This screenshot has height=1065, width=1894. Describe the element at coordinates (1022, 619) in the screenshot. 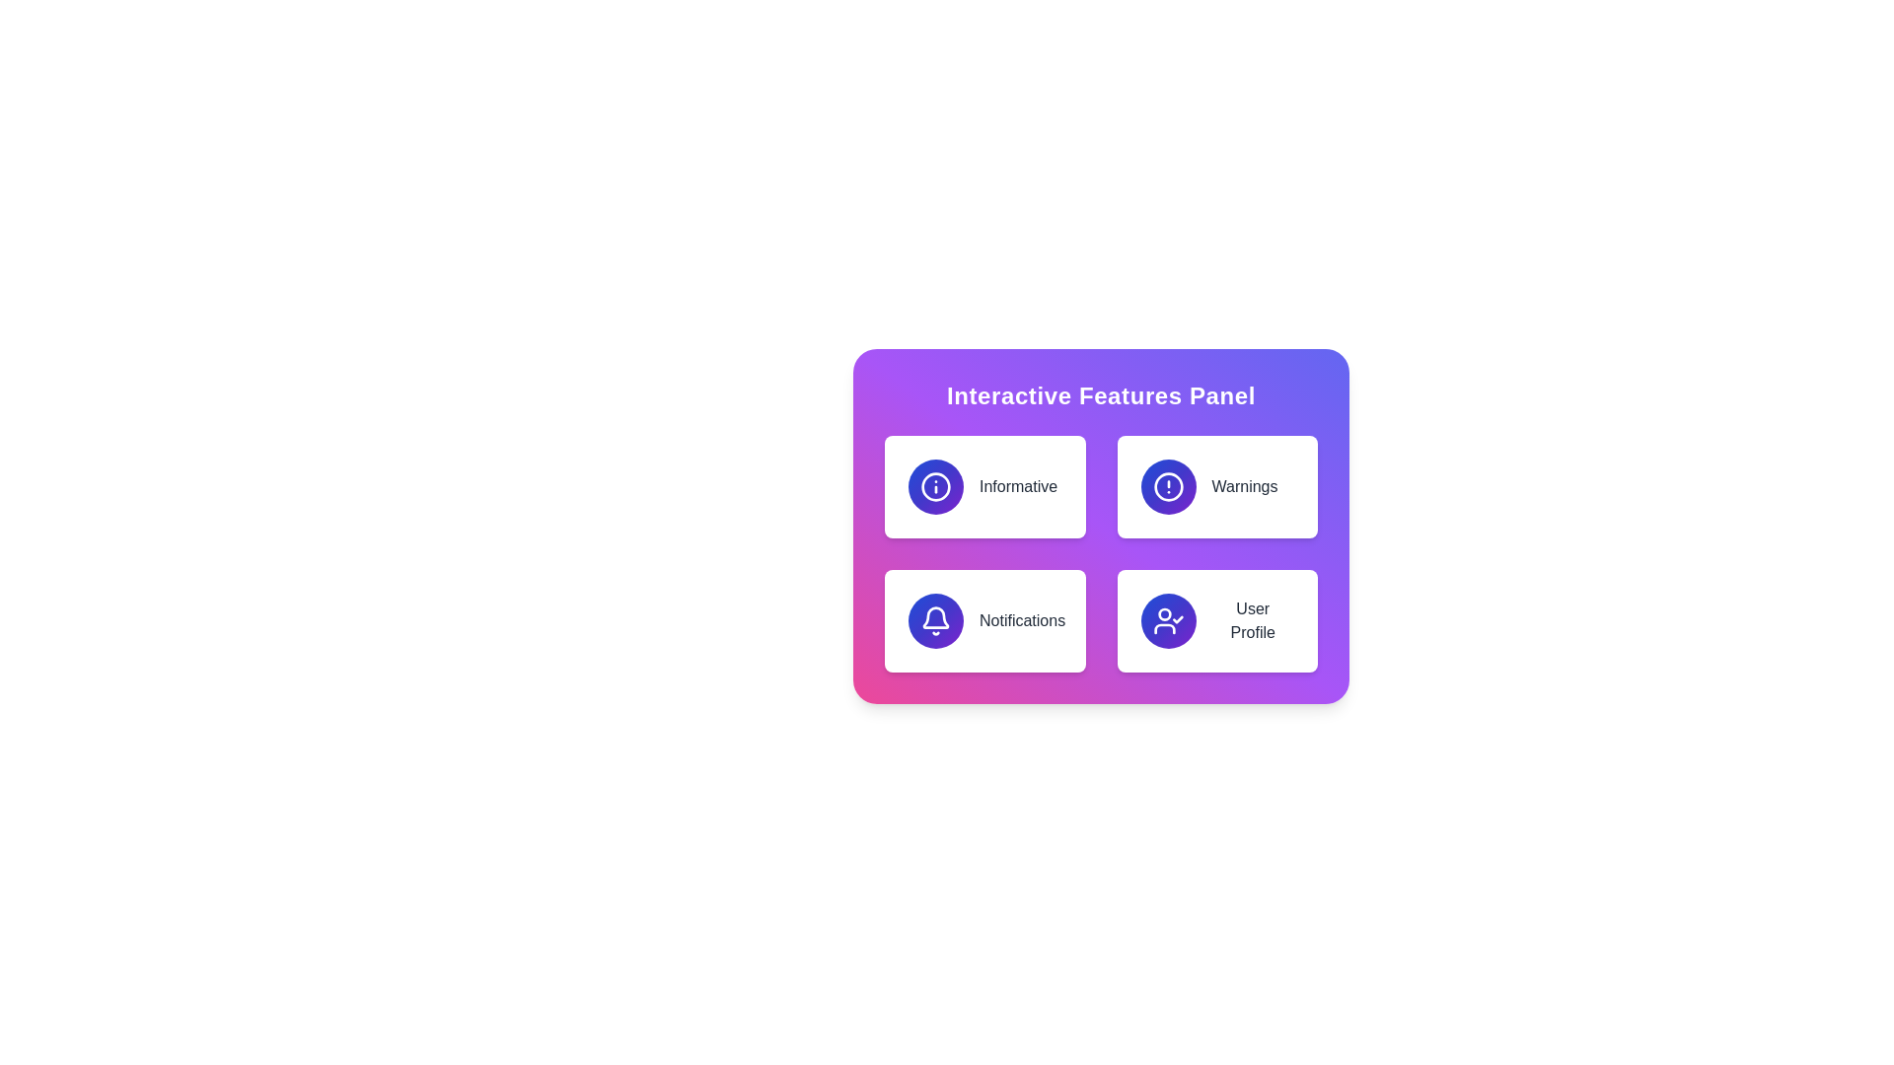

I see `the 'Notifications' text label, which is styled with a medium font weight and gray color, located at the bottom-left side of the 'Interactive Features Panel' beneath a bell-shaped icon` at that location.